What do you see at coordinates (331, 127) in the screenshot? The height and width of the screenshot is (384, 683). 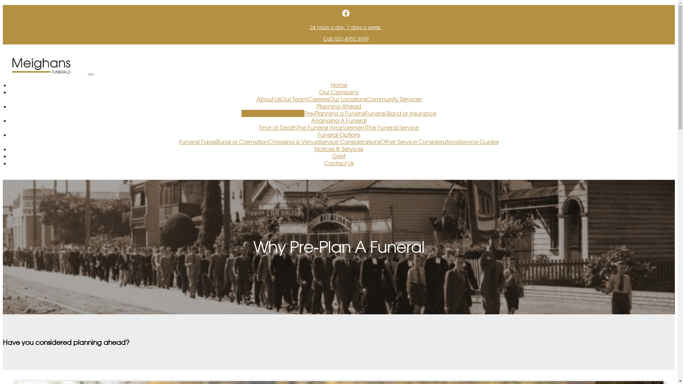 I see `'The Funeral Arrangement'` at bounding box center [331, 127].